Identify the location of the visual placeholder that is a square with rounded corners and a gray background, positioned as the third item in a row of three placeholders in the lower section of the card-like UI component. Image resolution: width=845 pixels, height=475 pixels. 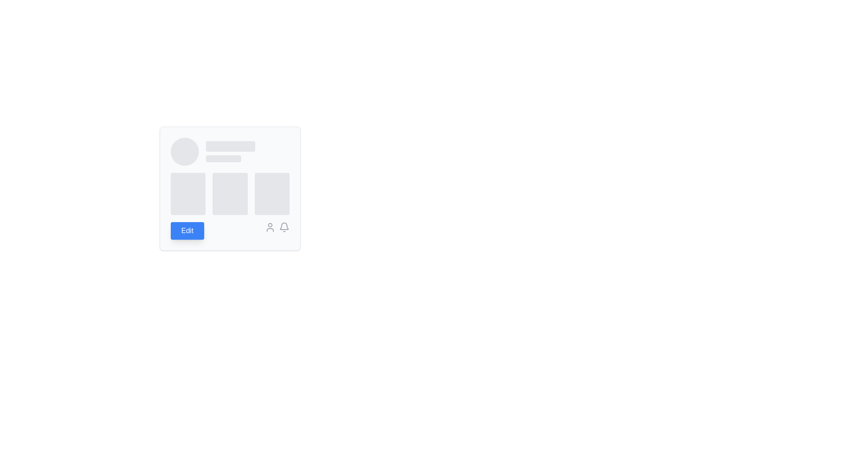
(272, 193).